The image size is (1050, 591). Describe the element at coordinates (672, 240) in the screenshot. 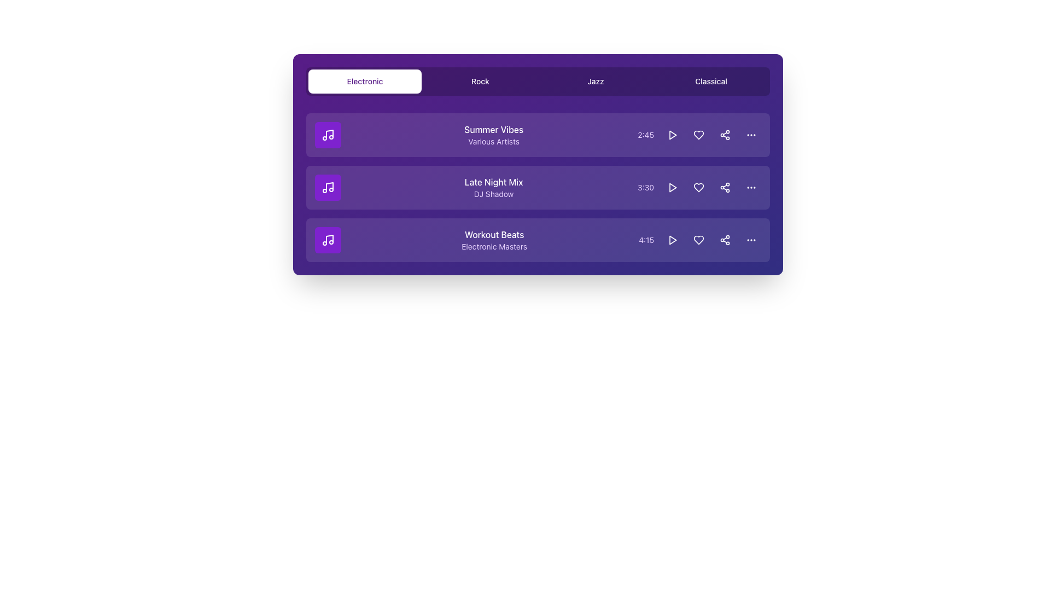

I see `the playback button located` at that location.